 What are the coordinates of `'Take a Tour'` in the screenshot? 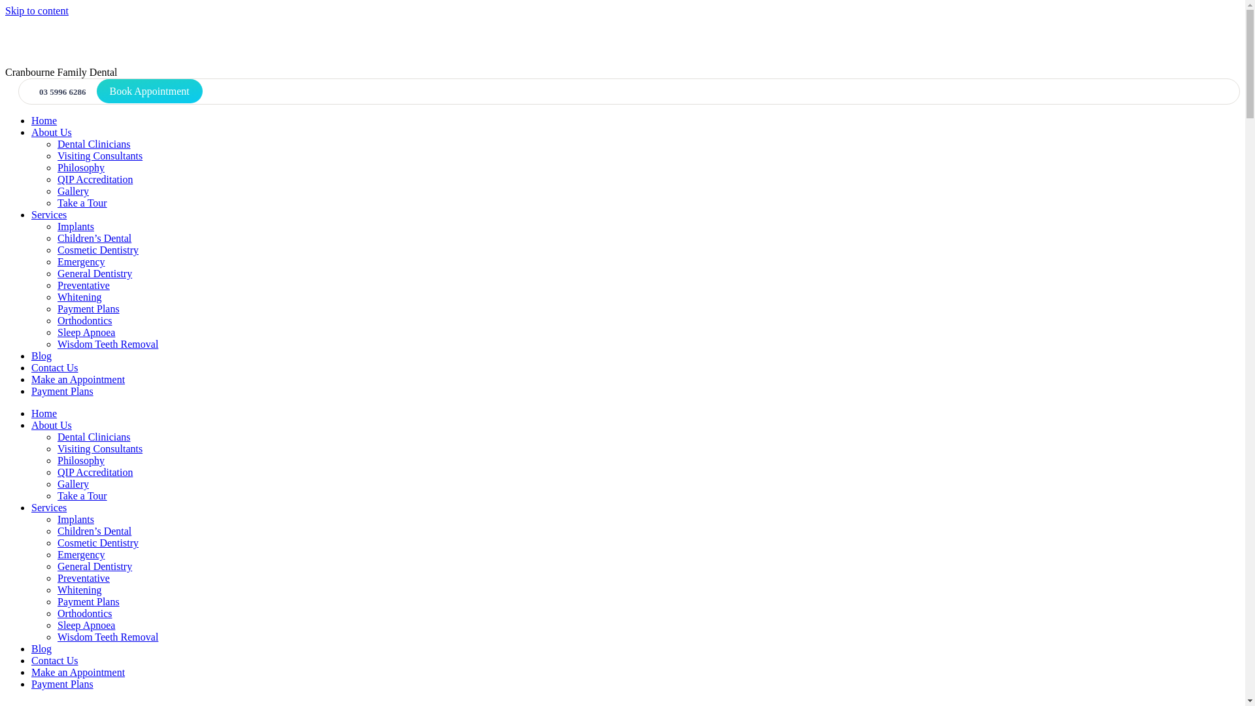 It's located at (81, 203).